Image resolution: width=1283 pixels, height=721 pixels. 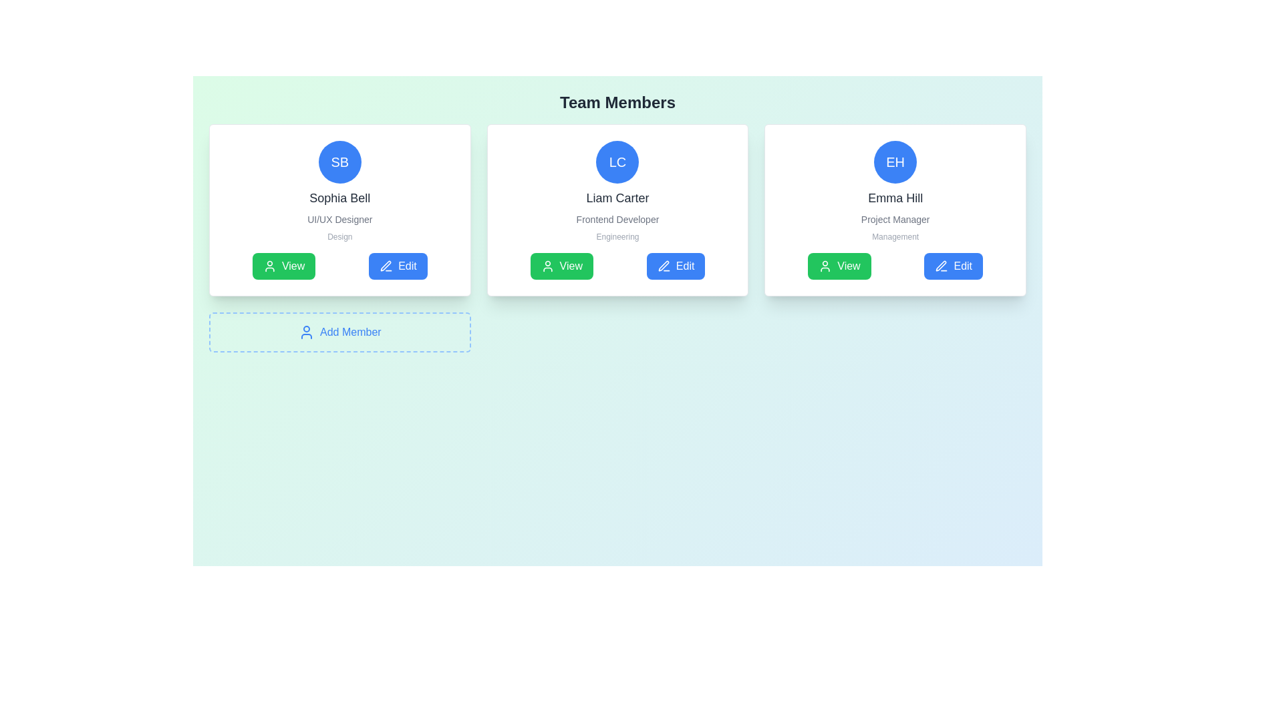 I want to click on 'Team Members' heading text, which is a bold black title positioned at the top of the interface to understand the section's purpose, so click(x=617, y=102).